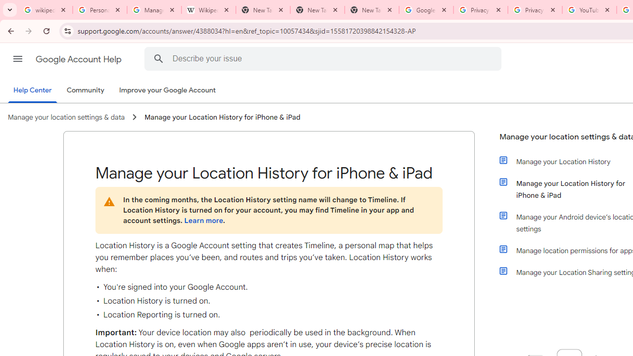 The image size is (633, 356). I want to click on 'Community', so click(85, 90).